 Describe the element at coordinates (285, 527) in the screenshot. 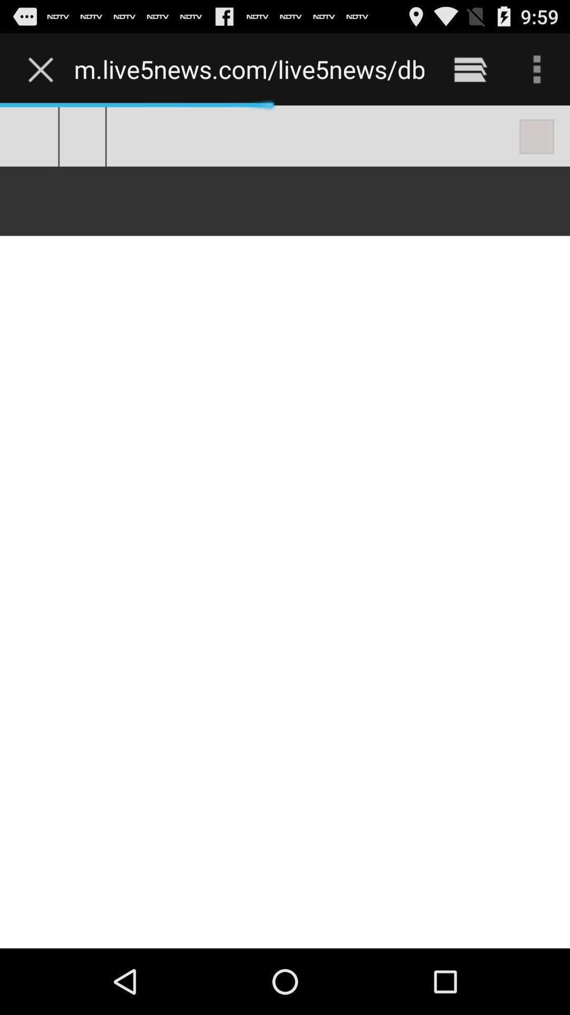

I see `the item below m live5news com icon` at that location.